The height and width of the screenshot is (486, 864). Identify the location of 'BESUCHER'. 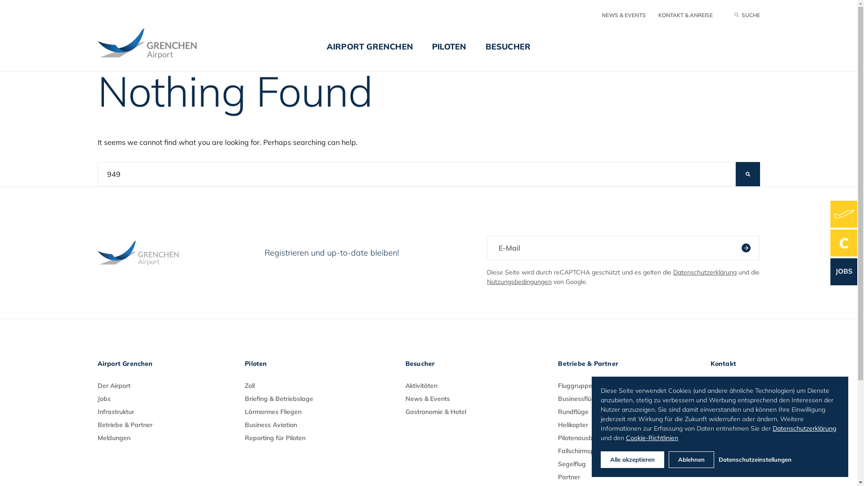
(508, 53).